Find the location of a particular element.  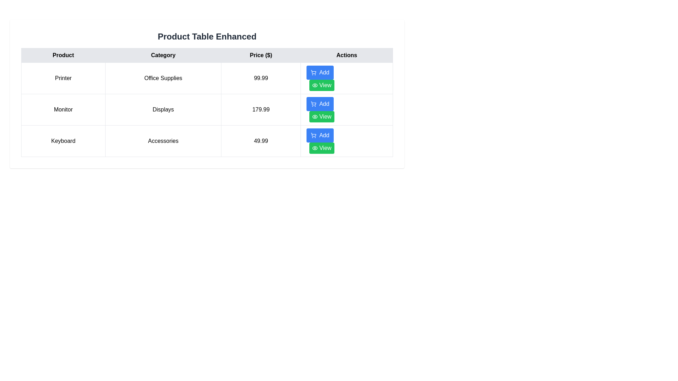

the first row of the 'Product Table Enhanced' that provides details about a specific product (Printer) is located at coordinates (207, 78).